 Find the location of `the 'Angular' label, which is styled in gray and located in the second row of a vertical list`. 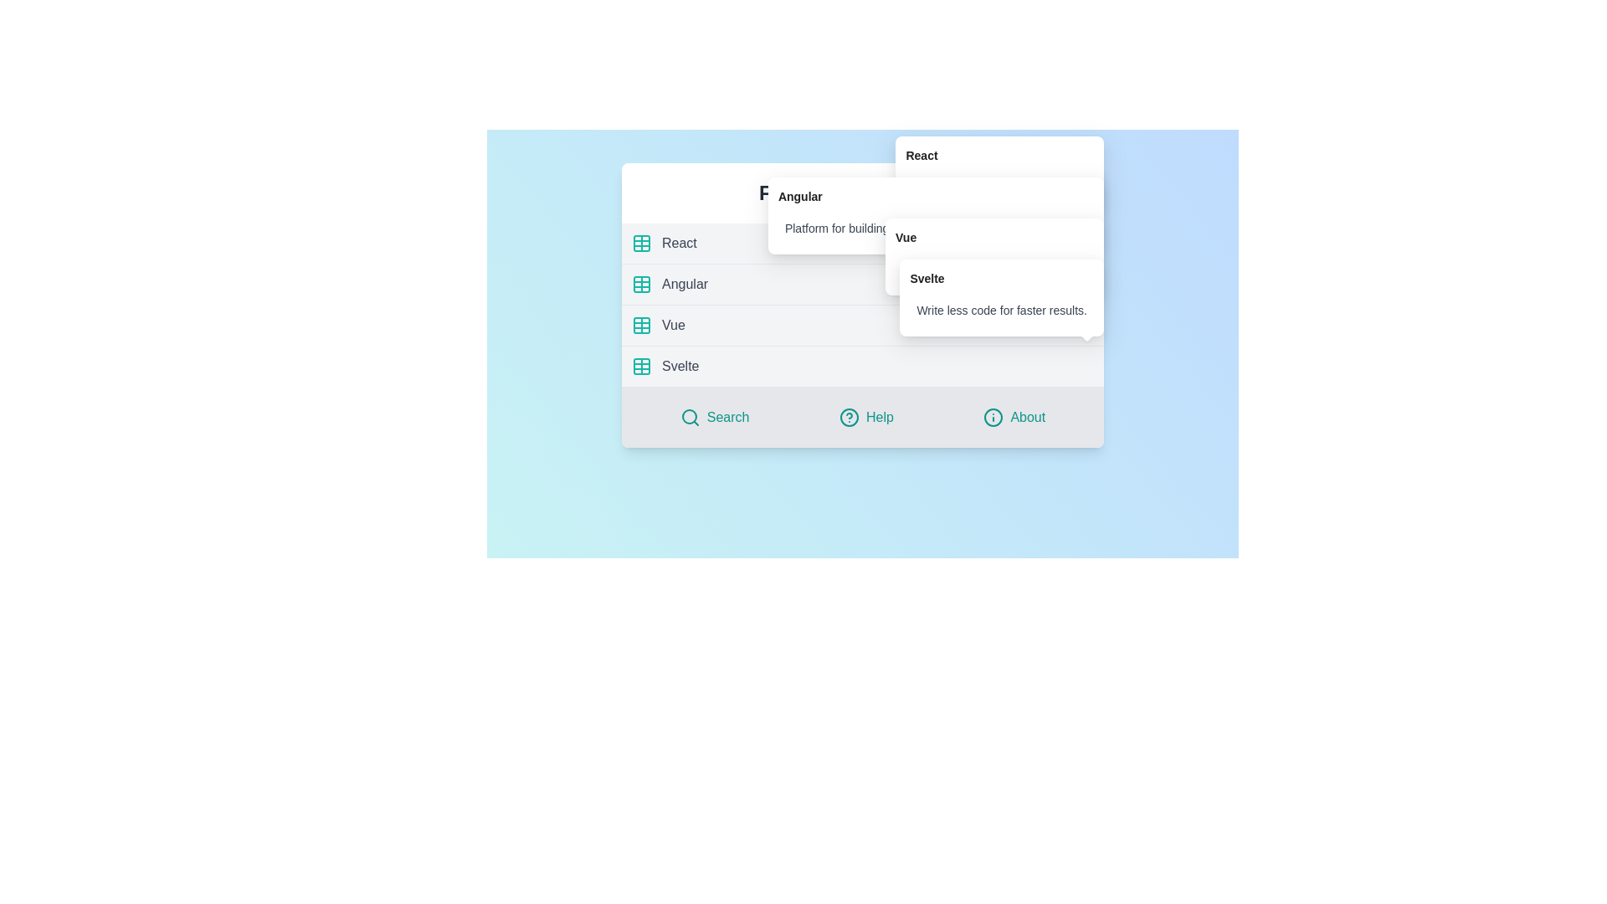

the 'Angular' label, which is styled in gray and located in the second row of a vertical list is located at coordinates (685, 283).